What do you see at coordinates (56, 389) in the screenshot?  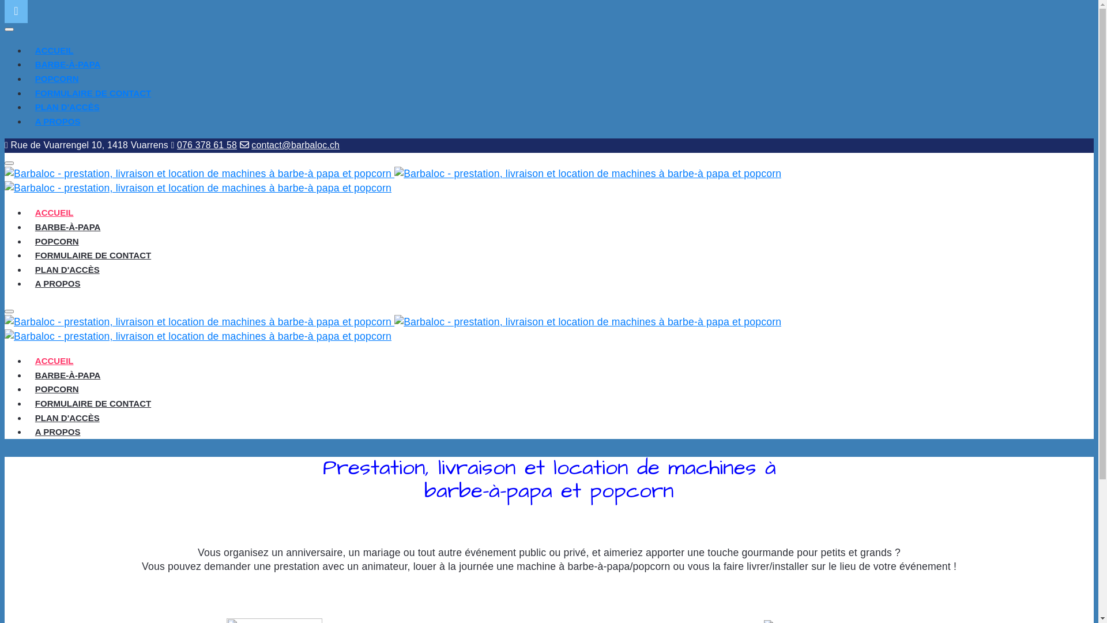 I see `'POPCORN'` at bounding box center [56, 389].